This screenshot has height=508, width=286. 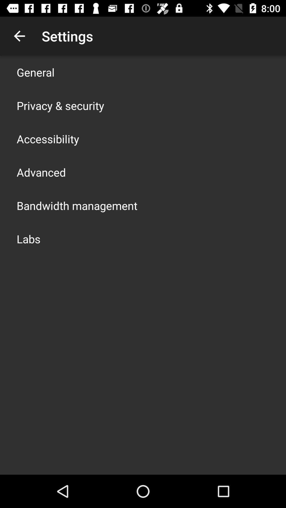 What do you see at coordinates (77, 205) in the screenshot?
I see `bandwidth management app` at bounding box center [77, 205].